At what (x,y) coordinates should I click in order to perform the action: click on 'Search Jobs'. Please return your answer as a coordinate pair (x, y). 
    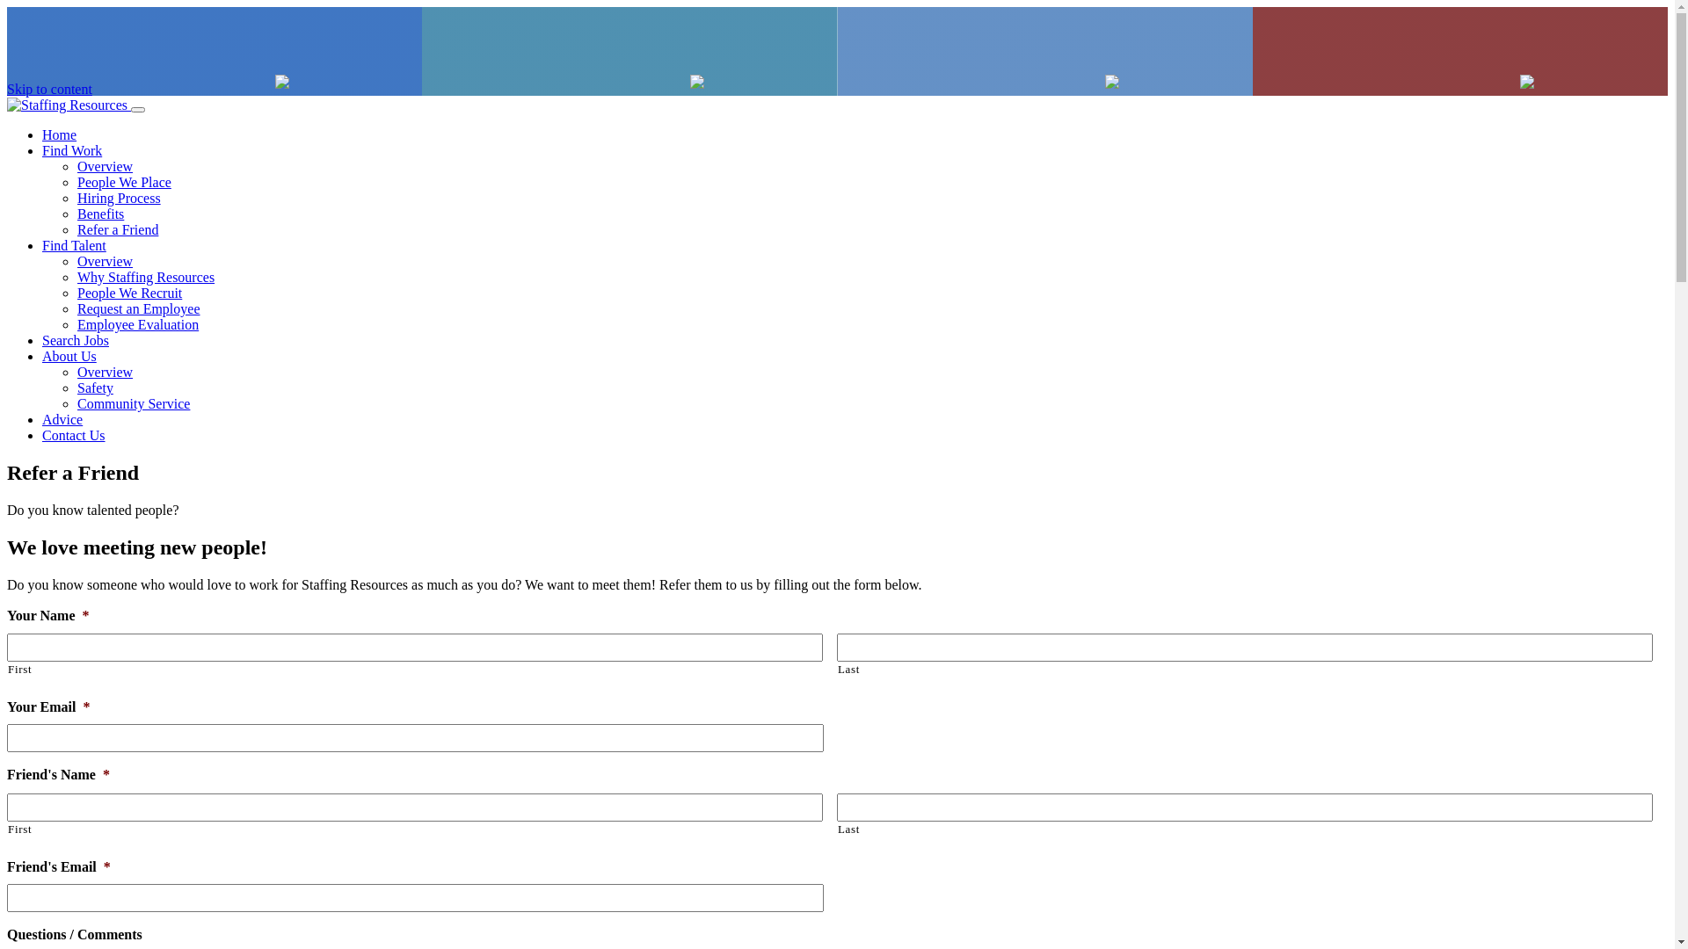
    Looking at the image, I should click on (42, 340).